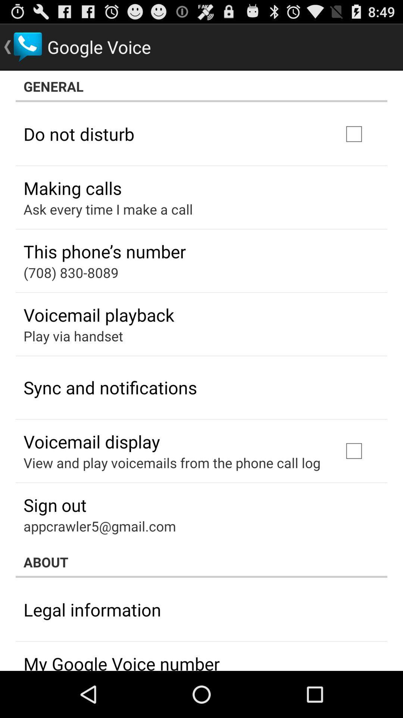 Image resolution: width=403 pixels, height=718 pixels. What do you see at coordinates (72, 188) in the screenshot?
I see `making calls app` at bounding box center [72, 188].